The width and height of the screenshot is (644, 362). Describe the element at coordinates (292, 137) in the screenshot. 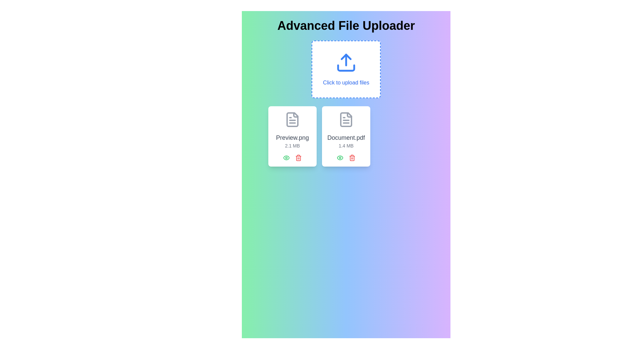

I see `text content displayed in the filename label located at the top-center of the left card in a horizontally arranged card layout` at that location.